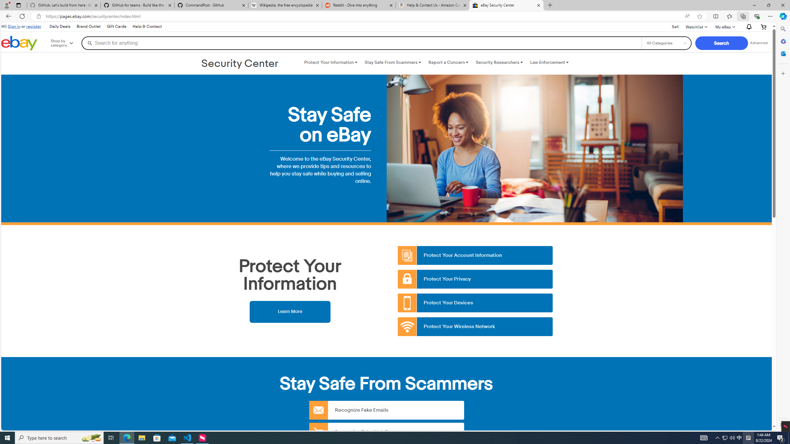 The width and height of the screenshot is (790, 444). What do you see at coordinates (675, 26) in the screenshot?
I see `'Sell'` at bounding box center [675, 26].